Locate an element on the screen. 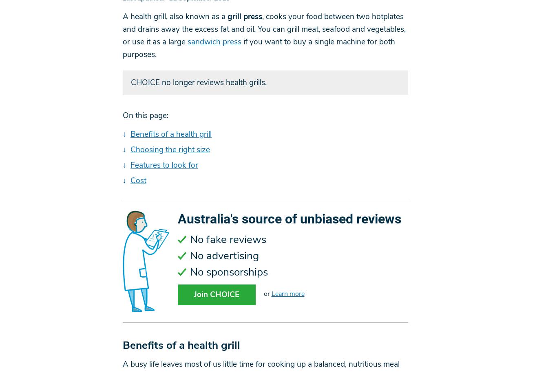 Image resolution: width=557 pixels, height=372 pixels. 'No advertising' is located at coordinates (189, 255).